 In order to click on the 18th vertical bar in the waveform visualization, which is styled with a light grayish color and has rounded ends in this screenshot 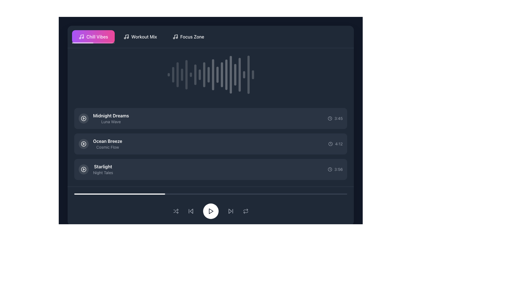, I will do `click(244, 75)`.